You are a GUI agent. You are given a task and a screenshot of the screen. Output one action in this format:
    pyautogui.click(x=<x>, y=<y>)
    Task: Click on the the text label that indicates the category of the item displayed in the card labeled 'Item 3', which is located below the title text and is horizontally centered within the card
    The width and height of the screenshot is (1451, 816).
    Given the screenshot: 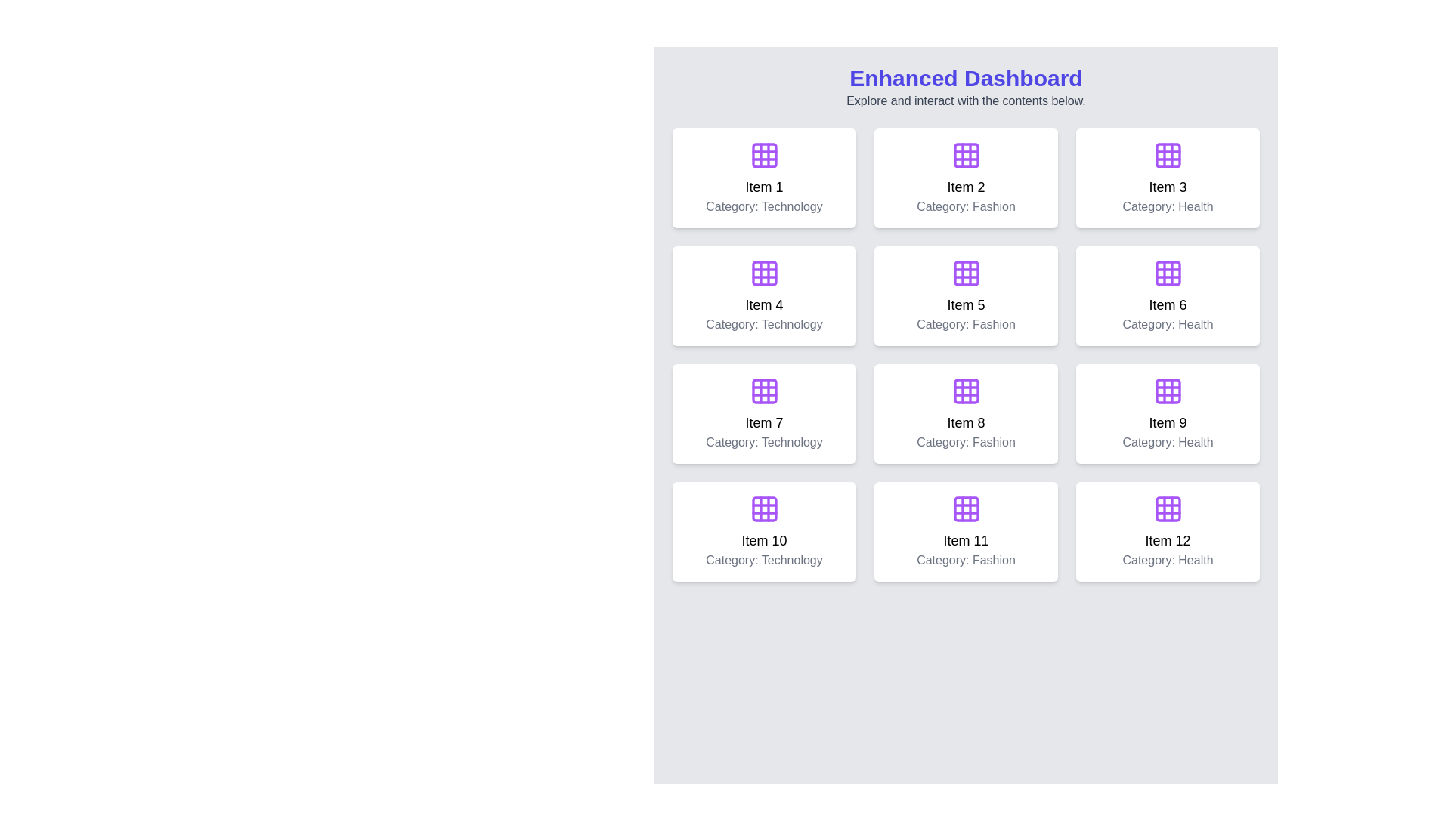 What is the action you would take?
    pyautogui.click(x=1167, y=206)
    